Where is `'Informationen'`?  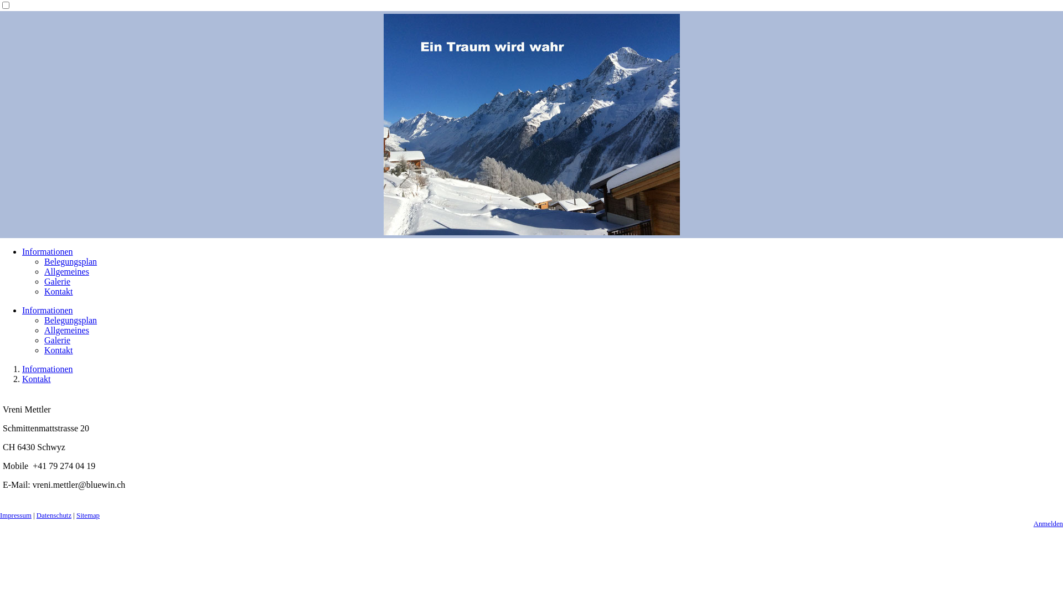 'Informationen' is located at coordinates (47, 310).